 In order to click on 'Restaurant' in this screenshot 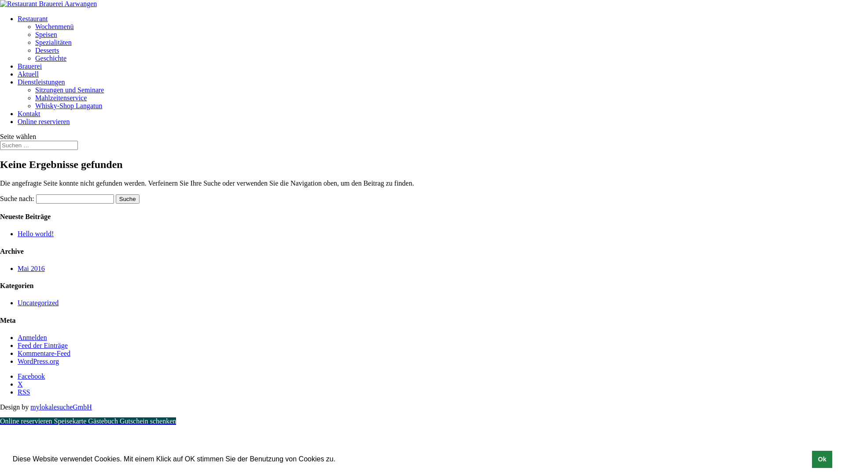, I will do `click(17, 18)`.